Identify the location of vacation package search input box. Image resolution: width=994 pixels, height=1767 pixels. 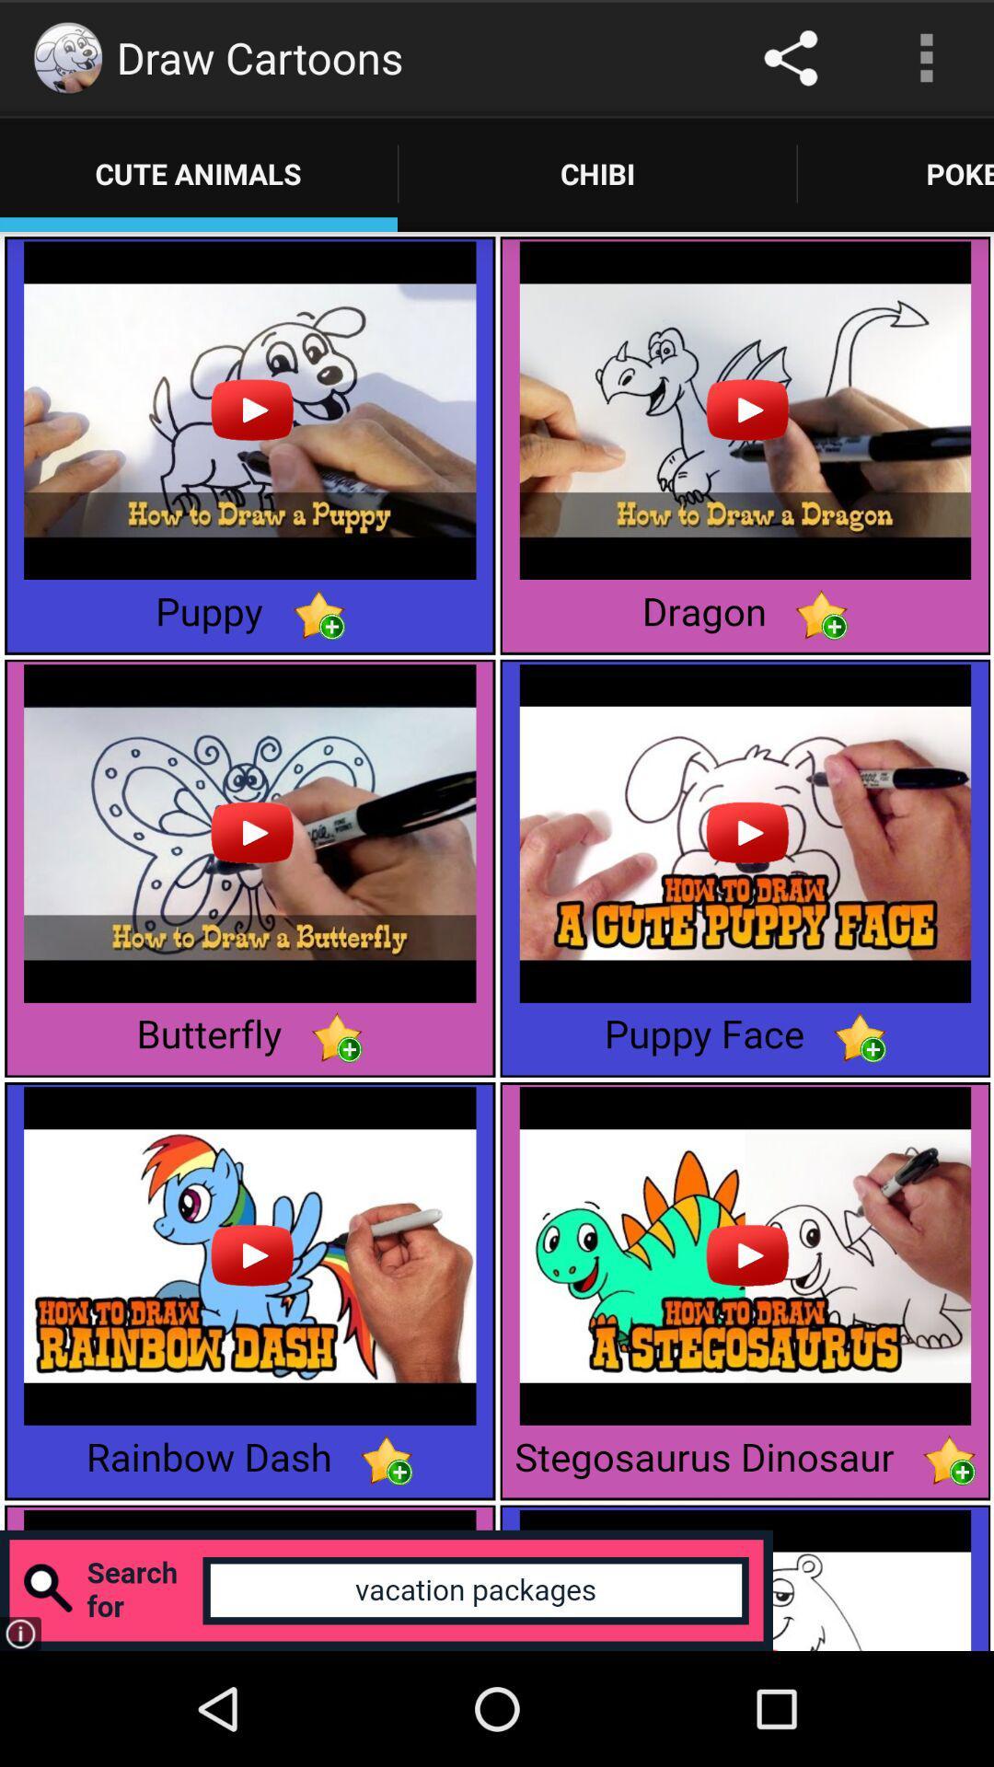
(386, 1589).